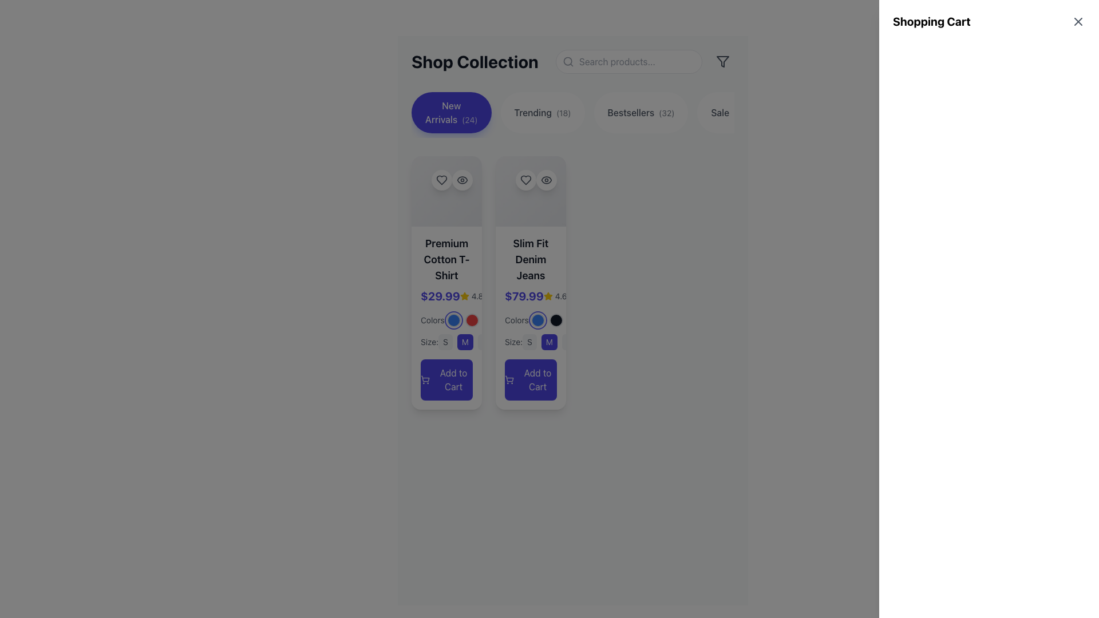  I want to click on the funnel/filter icon located in the upper-right corner of the navigation panel, so click(722, 62).